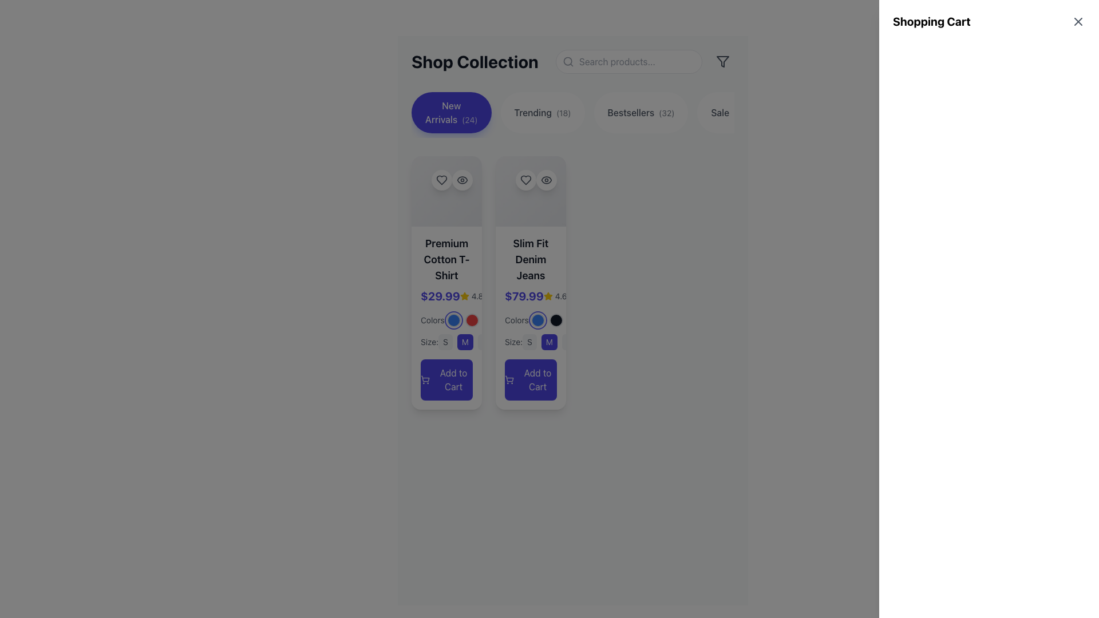  I want to click on the funnel/filter icon located in the upper-right corner of the navigation panel, so click(722, 62).